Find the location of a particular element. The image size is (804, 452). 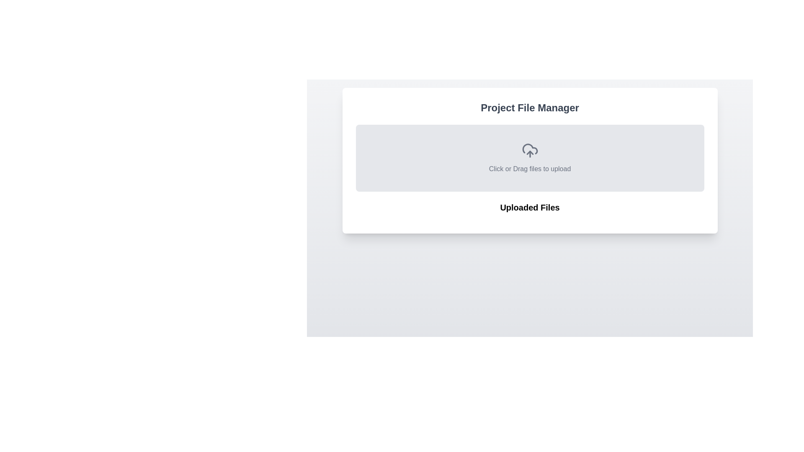

the 'Uploaded Files' heading element, which is a bold, semibold text label located above a grid layout and centered on the page is located at coordinates (529, 207).